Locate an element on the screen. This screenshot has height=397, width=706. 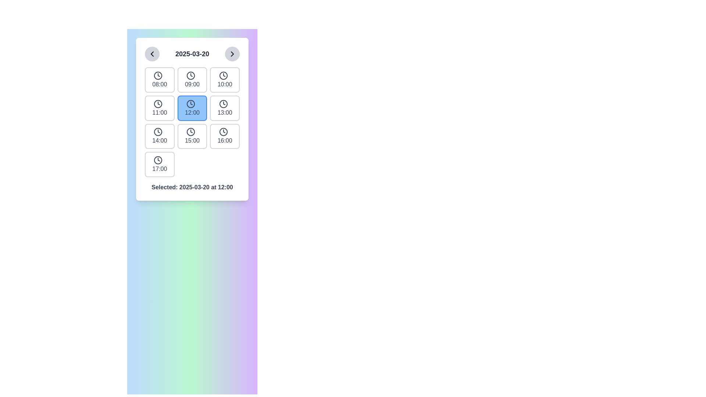
the clock icon indicating the time '08:00', which is located in the top-left corner of the grid of selectable time blocks is located at coordinates (158, 75).